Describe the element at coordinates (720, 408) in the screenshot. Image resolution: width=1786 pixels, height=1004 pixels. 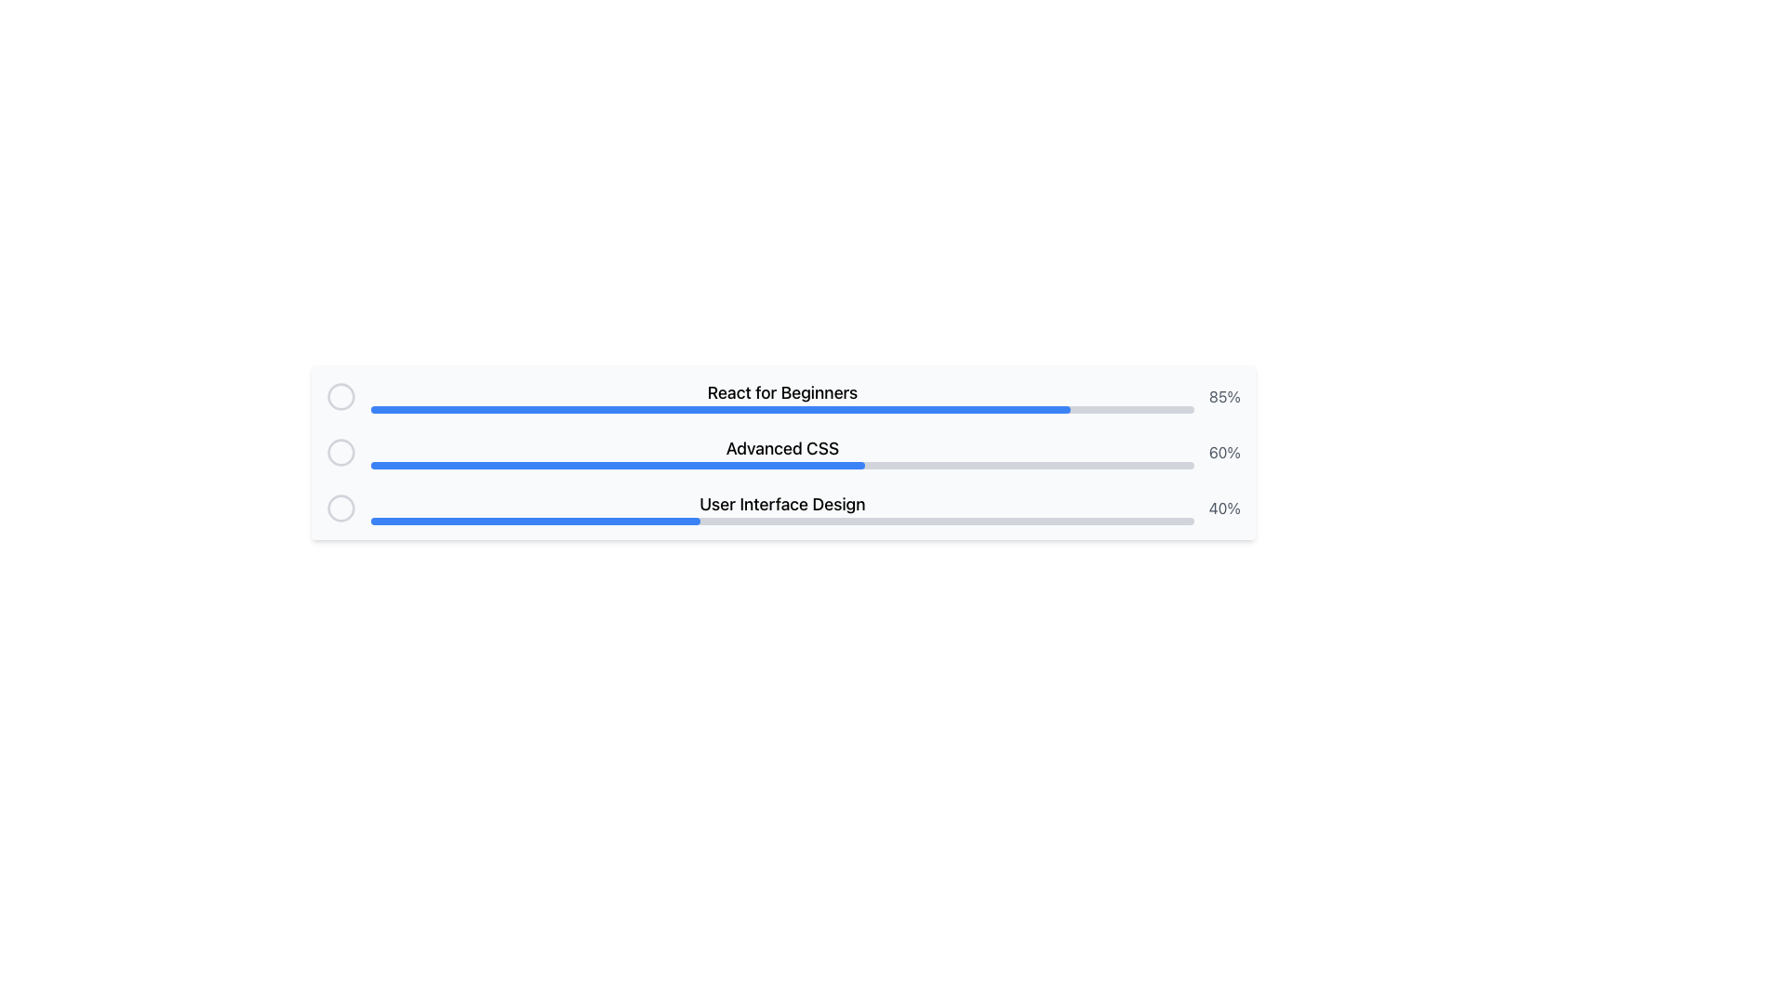
I see `the first progress bar representing 85% completion for the 'React for Beginners' task, located at the top of the vertical stack of progress bars` at that location.